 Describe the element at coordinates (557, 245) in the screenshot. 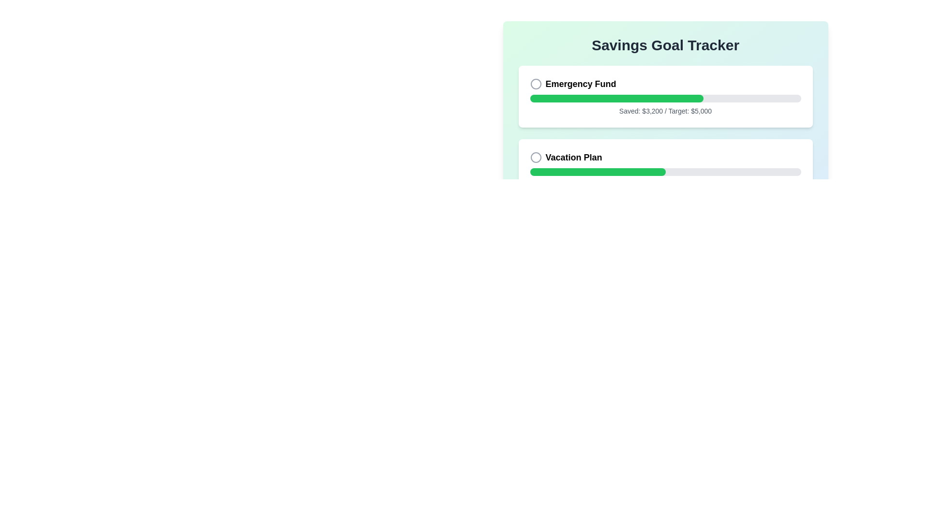

I see `the left segment of the progress bar in the 'Savings Goal Tracker' interface, which visually represents the percentage of the 'Vacation Plan' progress` at that location.